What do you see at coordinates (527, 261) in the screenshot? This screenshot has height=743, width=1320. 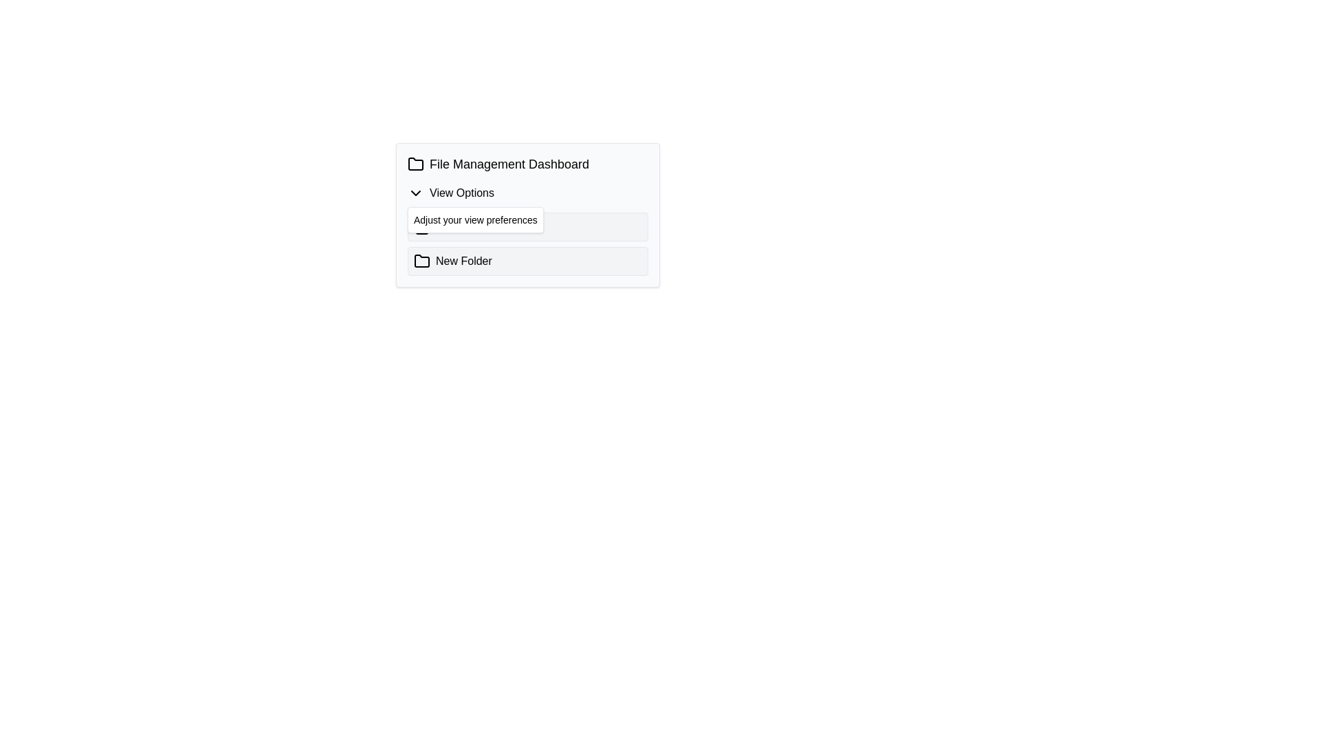 I see `the 'New Folder' button, which is the second button in a vertically-stacked group, located towards the middle-right of the interface` at bounding box center [527, 261].